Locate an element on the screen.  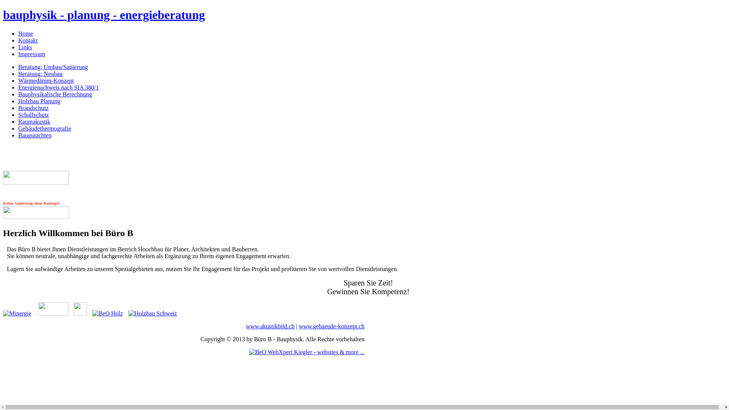
'Energienachweis nach SIA 380/1' is located at coordinates (58, 87).